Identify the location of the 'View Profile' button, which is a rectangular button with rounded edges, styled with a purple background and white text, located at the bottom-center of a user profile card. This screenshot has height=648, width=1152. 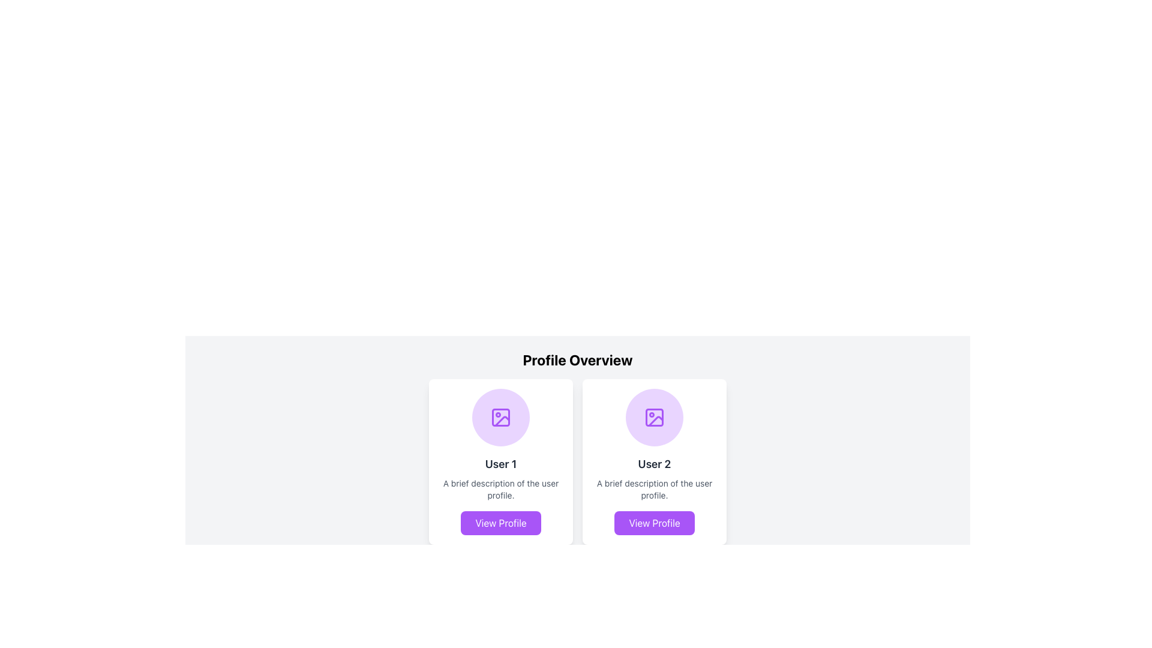
(501, 522).